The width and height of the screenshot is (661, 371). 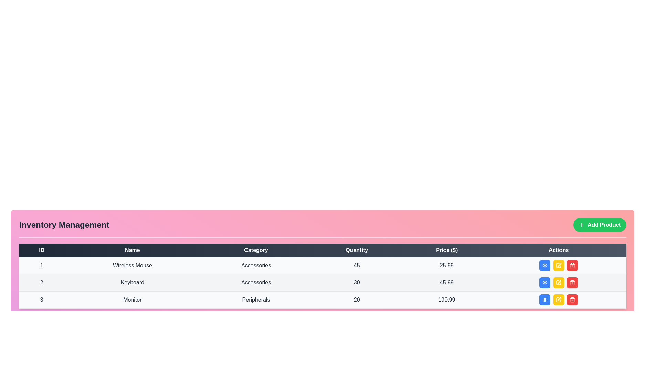 What do you see at coordinates (573, 300) in the screenshot?
I see `the structural rectangle of the trash can icon located in the 'Actions' column of the third row under the Inventory Management header` at bounding box center [573, 300].